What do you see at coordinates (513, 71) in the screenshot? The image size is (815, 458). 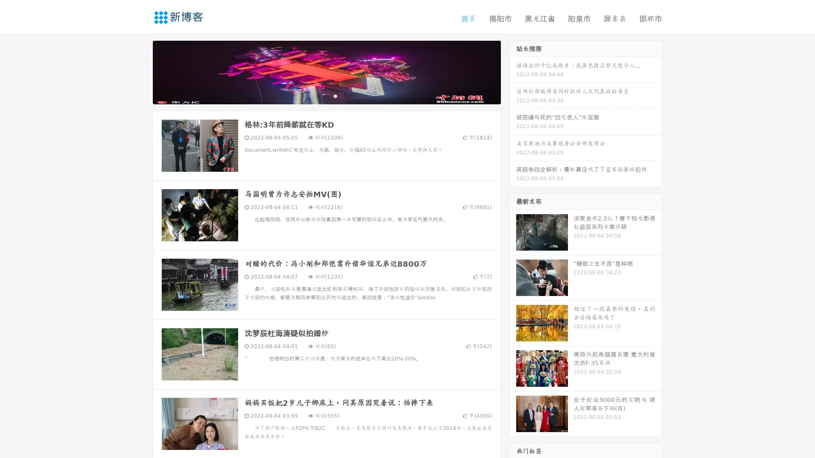 I see `Next slide` at bounding box center [513, 71].